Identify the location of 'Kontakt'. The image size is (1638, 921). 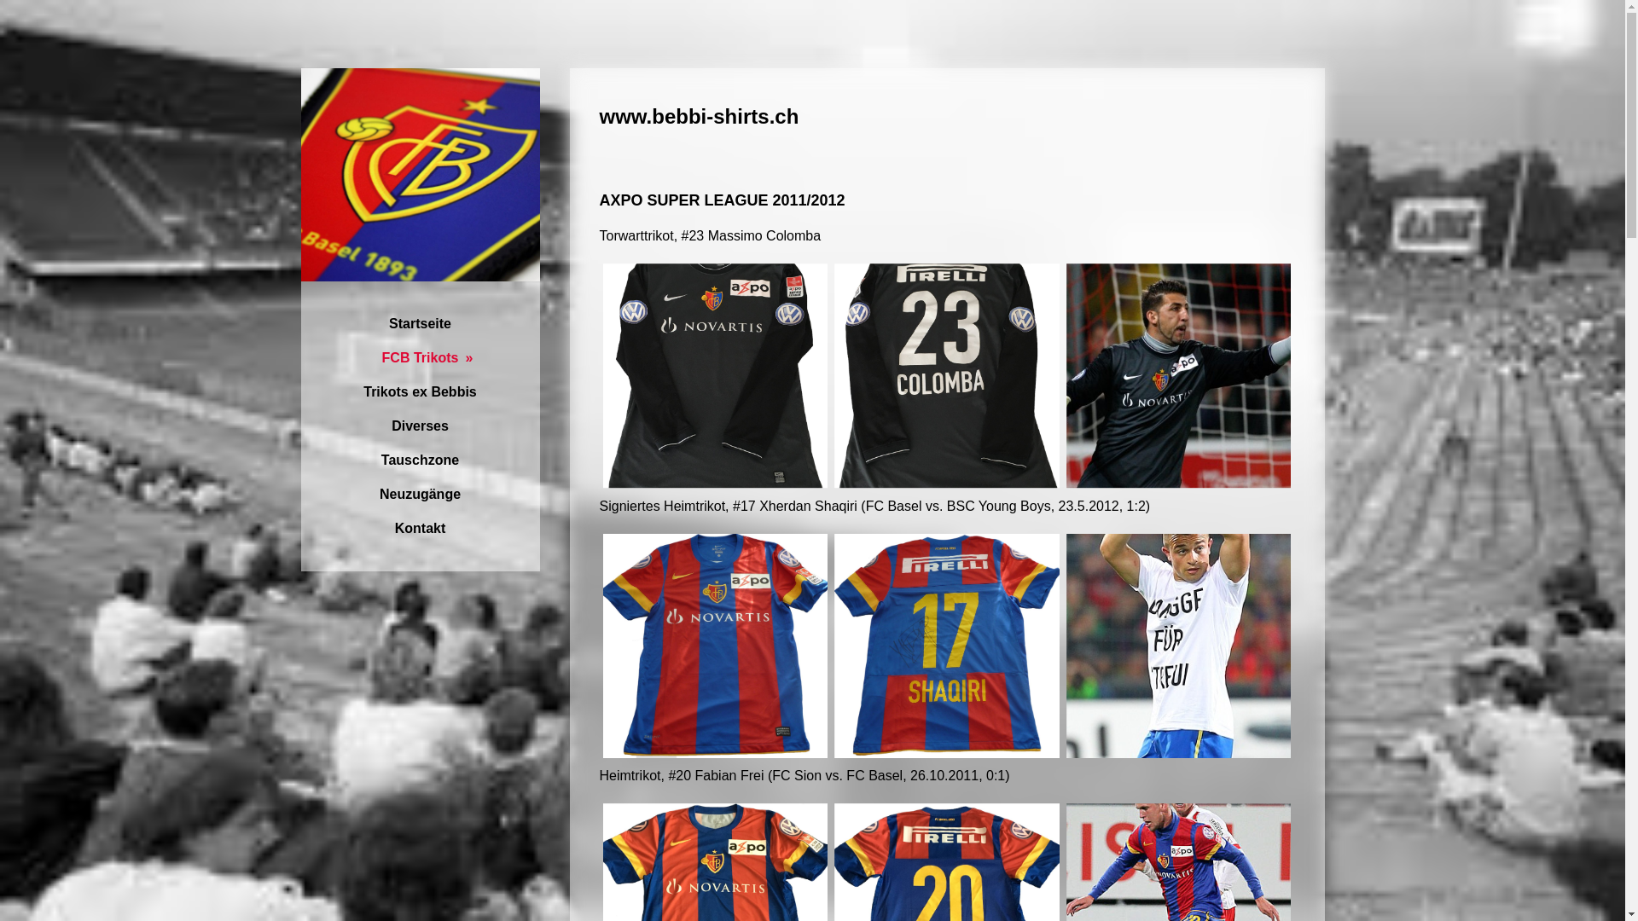
(299, 528).